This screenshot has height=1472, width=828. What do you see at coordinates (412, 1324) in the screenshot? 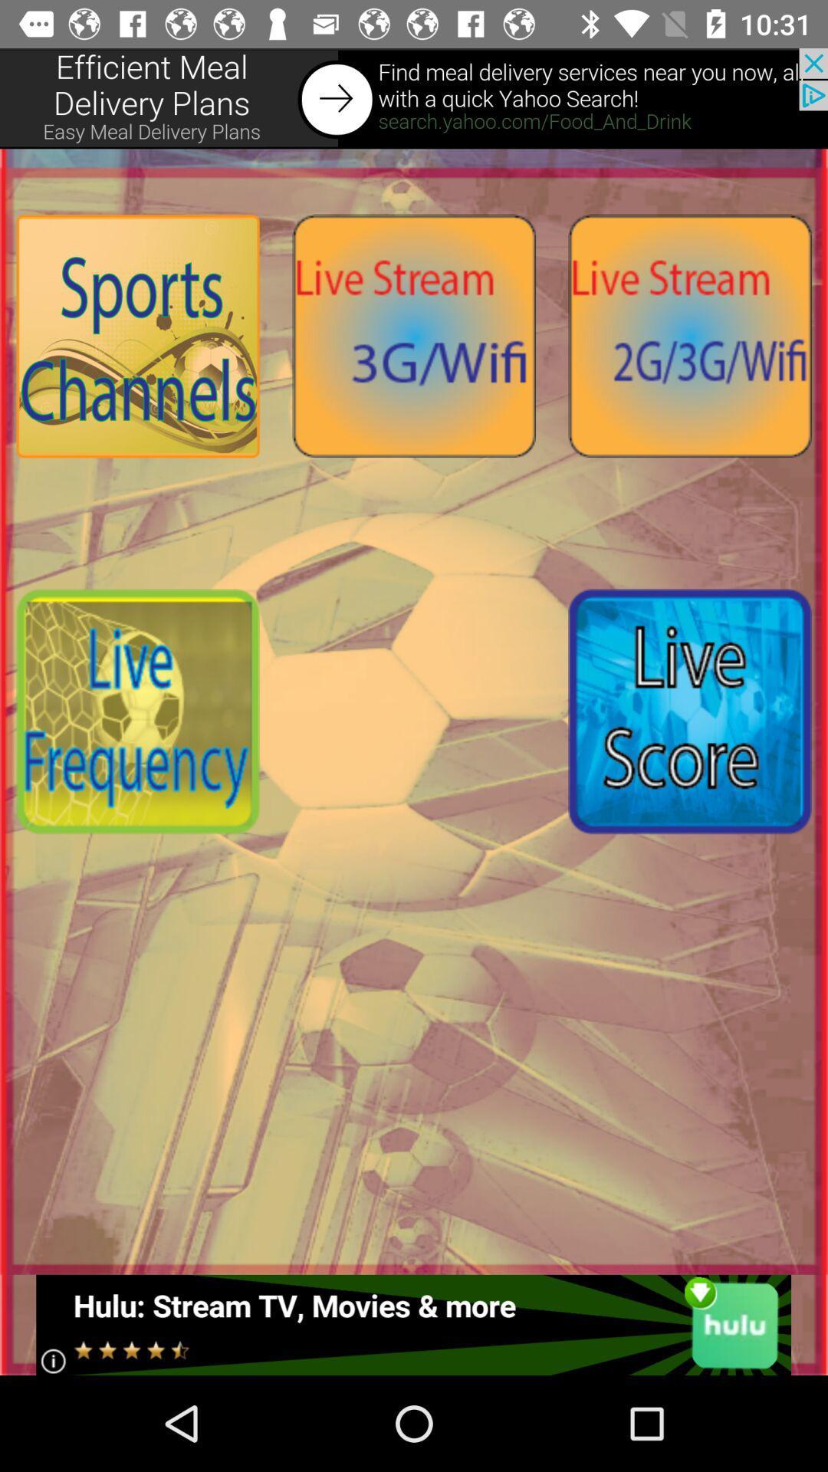
I see `interact with advertisement` at bounding box center [412, 1324].